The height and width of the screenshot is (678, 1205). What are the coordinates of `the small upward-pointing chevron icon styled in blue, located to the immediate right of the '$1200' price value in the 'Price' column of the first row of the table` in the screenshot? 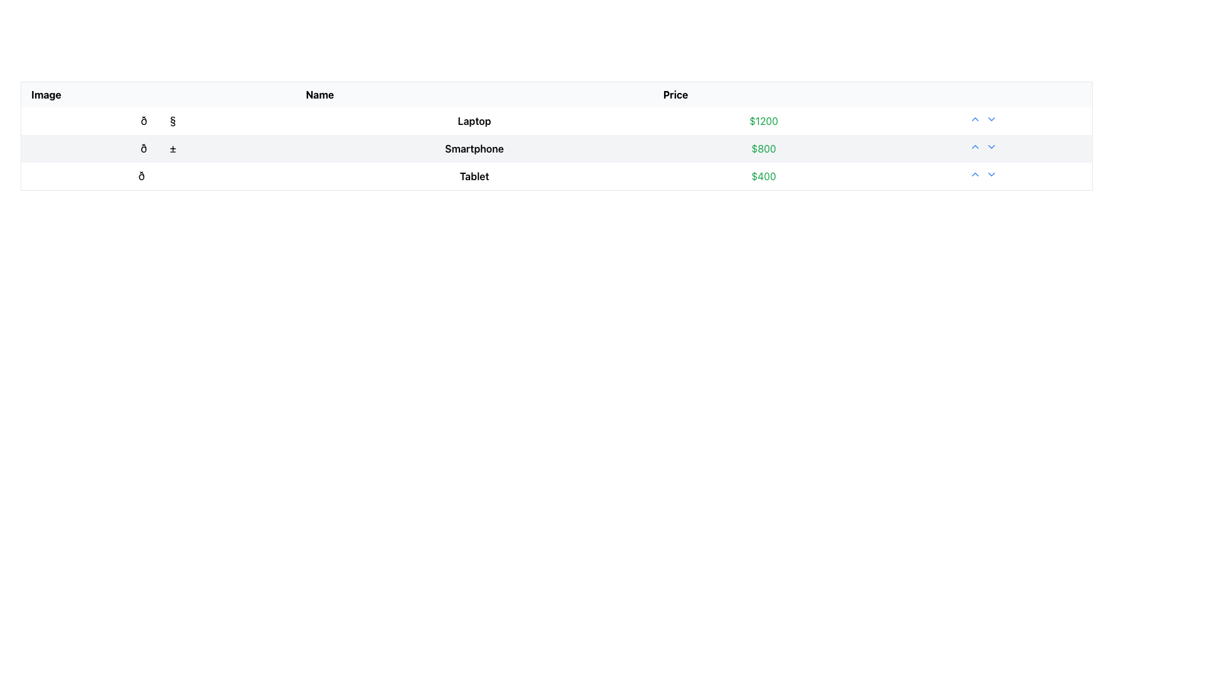 It's located at (974, 119).